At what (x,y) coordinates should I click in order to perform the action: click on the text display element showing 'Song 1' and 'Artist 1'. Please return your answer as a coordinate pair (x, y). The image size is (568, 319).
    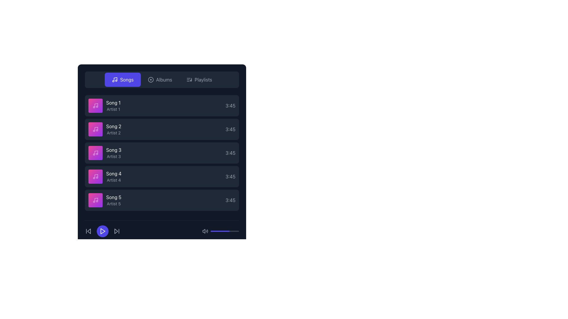
    Looking at the image, I should click on (113, 105).